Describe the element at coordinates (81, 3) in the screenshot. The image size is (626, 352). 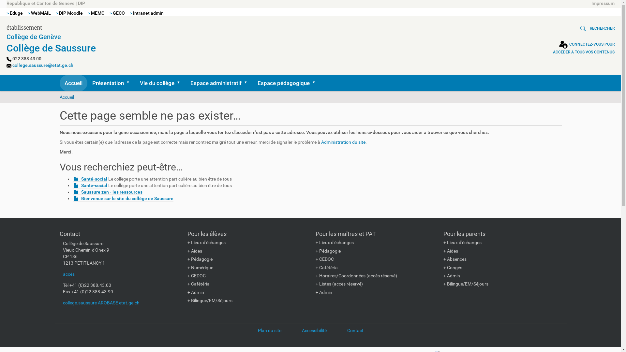
I see `'DIP'` at that location.